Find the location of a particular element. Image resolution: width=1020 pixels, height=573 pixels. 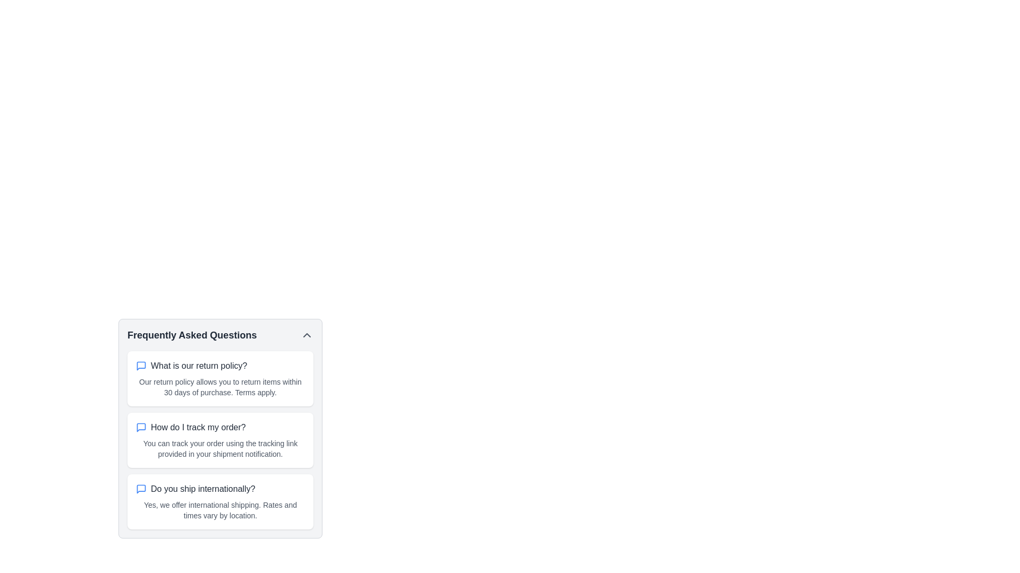

the small blue speech bubble icon located to the left of the text 'Do you ship internationally?' in the 'Frequently Asked Questions' section is located at coordinates (140, 489).